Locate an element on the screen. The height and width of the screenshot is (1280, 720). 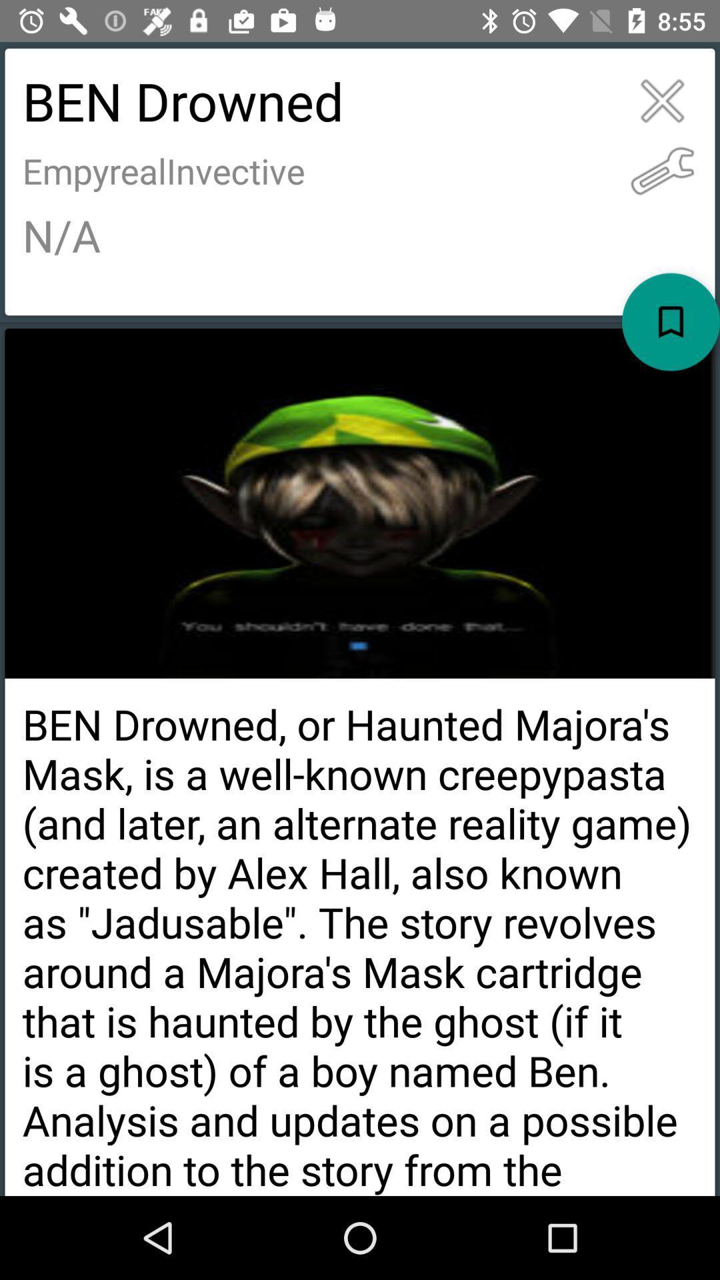
the icon above ben drowned or icon is located at coordinates (671, 322).